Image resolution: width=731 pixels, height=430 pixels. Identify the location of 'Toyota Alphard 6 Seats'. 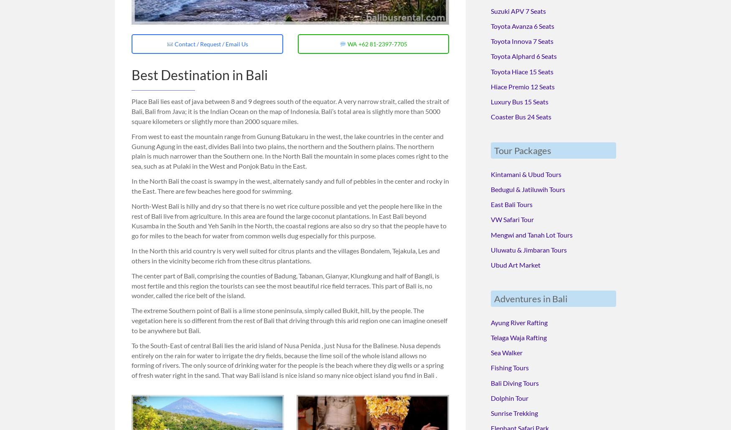
(523, 55).